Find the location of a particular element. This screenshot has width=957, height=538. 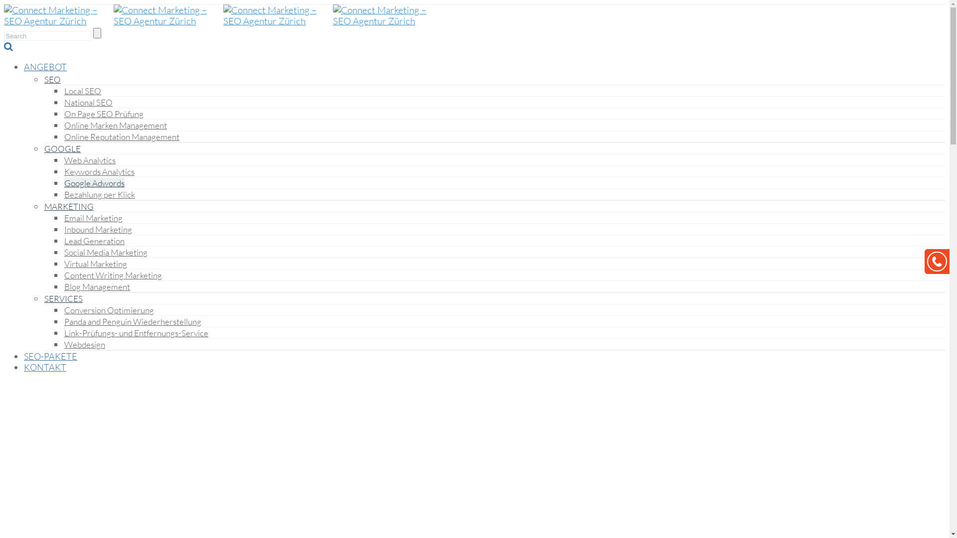

'Inbound Marketing' is located at coordinates (63, 229).